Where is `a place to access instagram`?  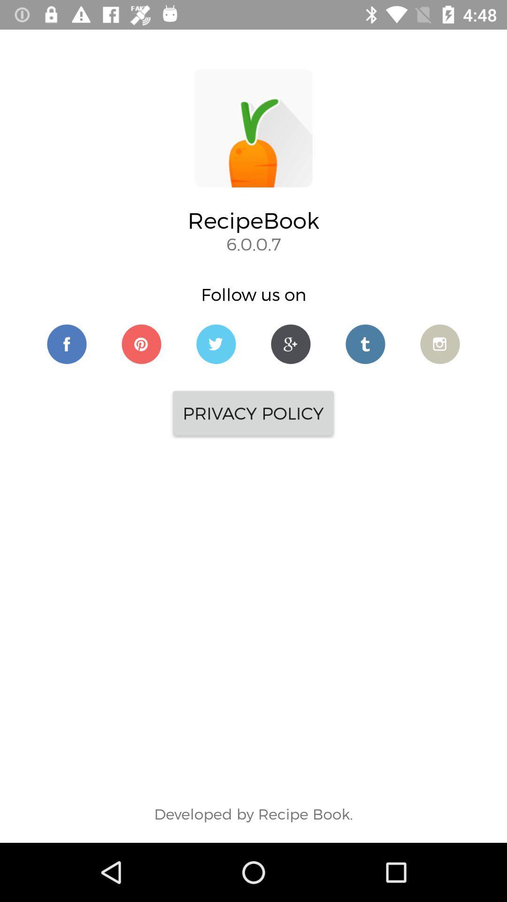 a place to access instagram is located at coordinates (440, 343).